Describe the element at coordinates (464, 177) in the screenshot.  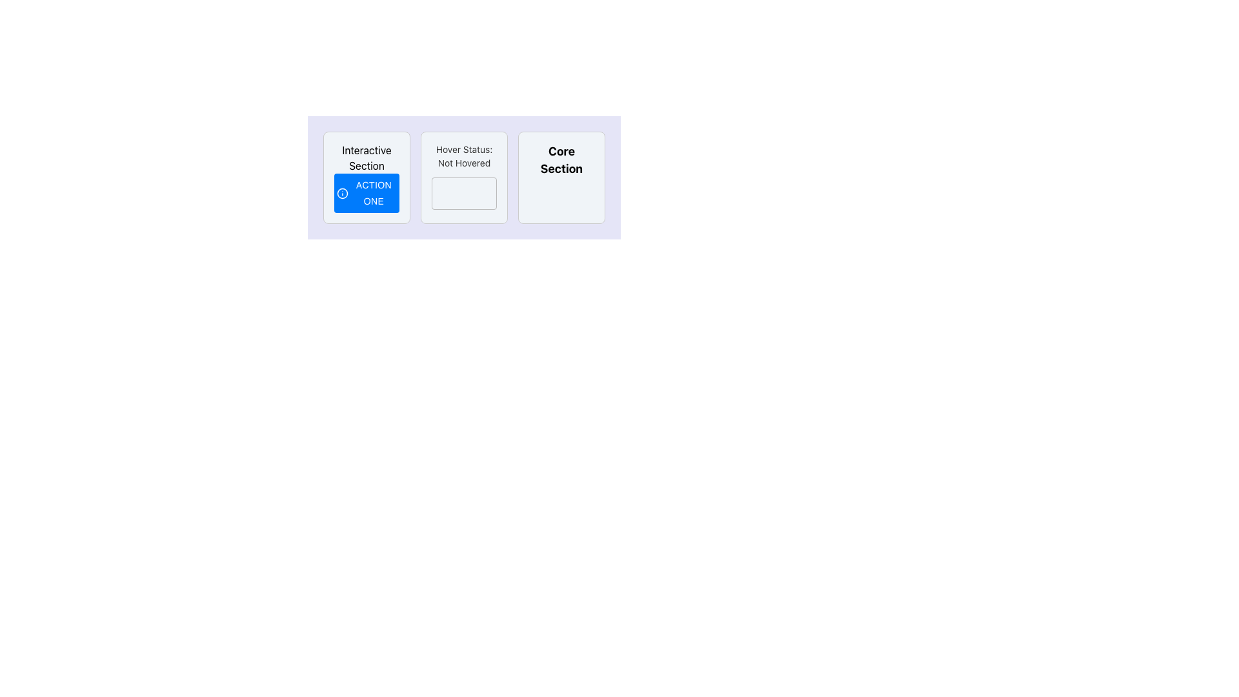
I see `the Informational panel located between the 'Interactive Section' on the left and 'Core Section' on the right, displaying a status message related to hover interaction` at that location.